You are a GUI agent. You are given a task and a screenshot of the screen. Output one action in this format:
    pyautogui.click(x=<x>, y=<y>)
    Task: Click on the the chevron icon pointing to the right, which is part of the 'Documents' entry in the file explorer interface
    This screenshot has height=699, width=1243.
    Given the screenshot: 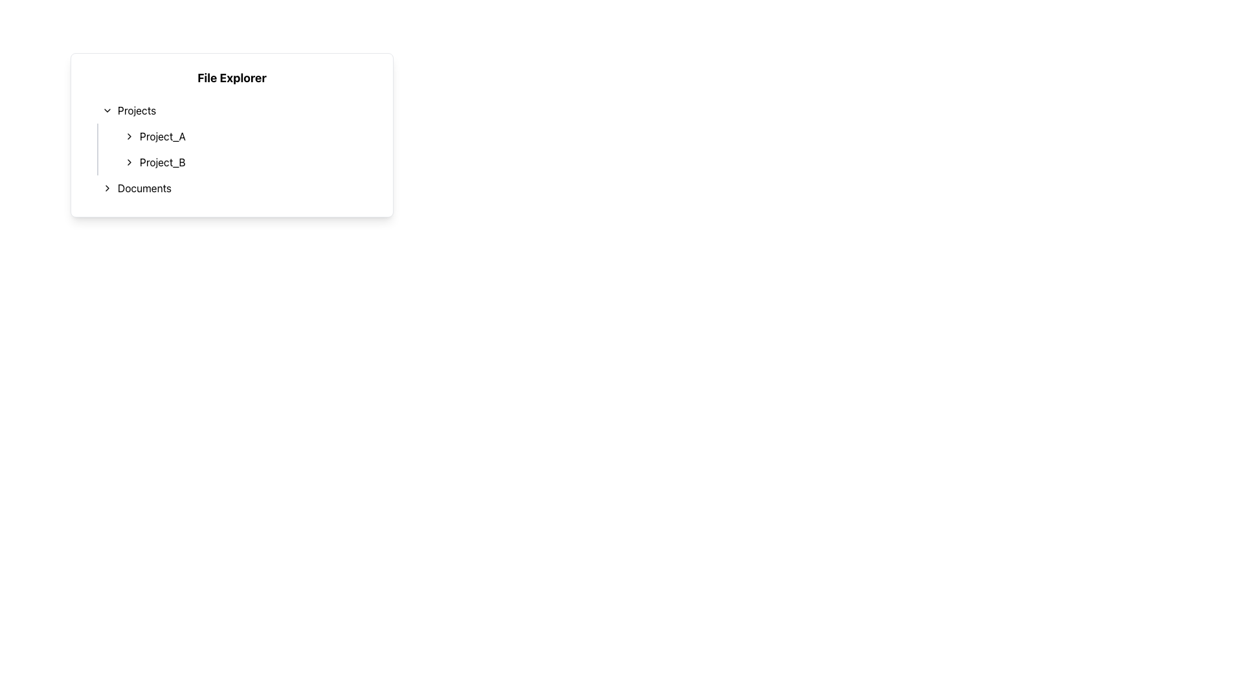 What is the action you would take?
    pyautogui.click(x=107, y=188)
    